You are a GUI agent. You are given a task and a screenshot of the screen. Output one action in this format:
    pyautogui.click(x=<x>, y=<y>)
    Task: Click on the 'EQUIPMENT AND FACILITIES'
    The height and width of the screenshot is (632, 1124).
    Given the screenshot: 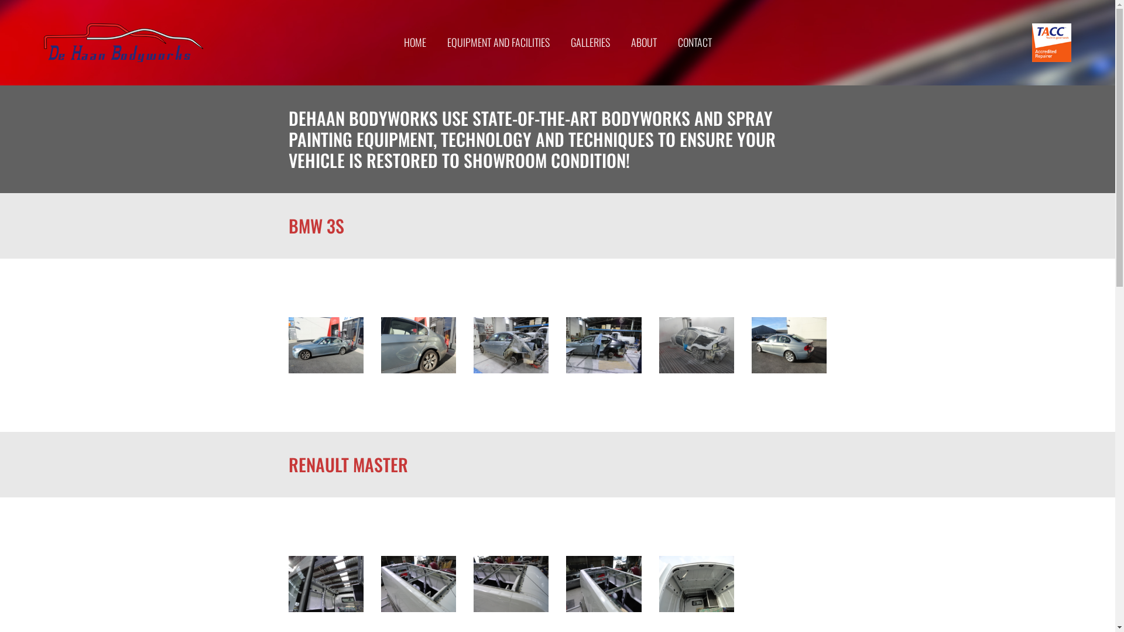 What is the action you would take?
    pyautogui.click(x=498, y=42)
    